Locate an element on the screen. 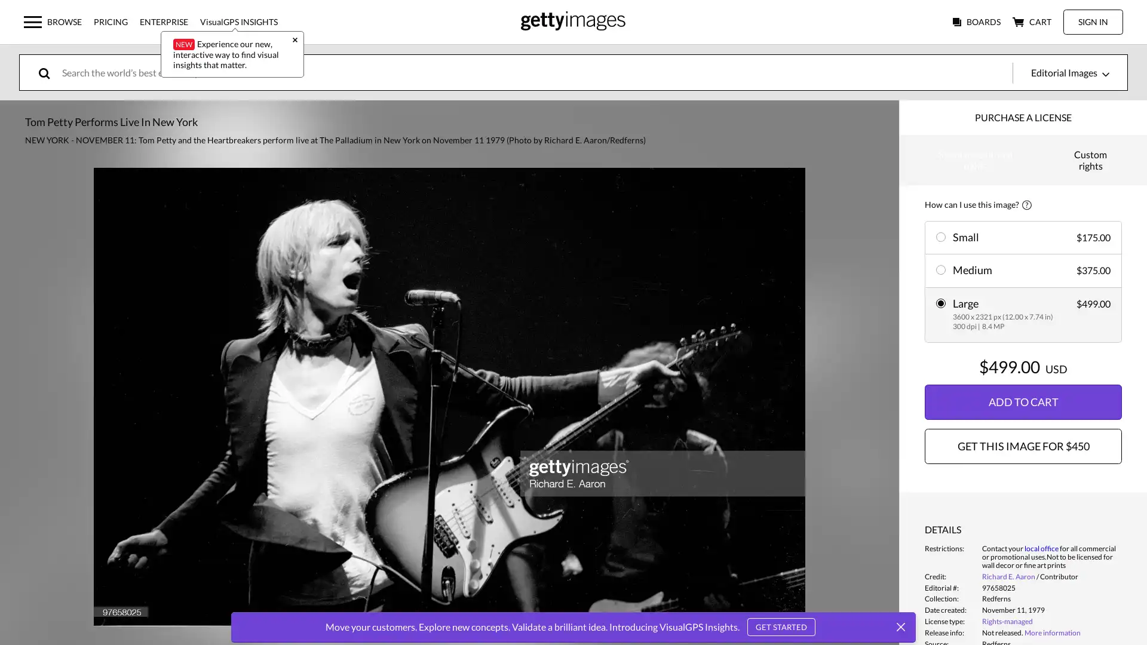 The width and height of the screenshot is (1147, 645). expand is located at coordinates (449, 396).